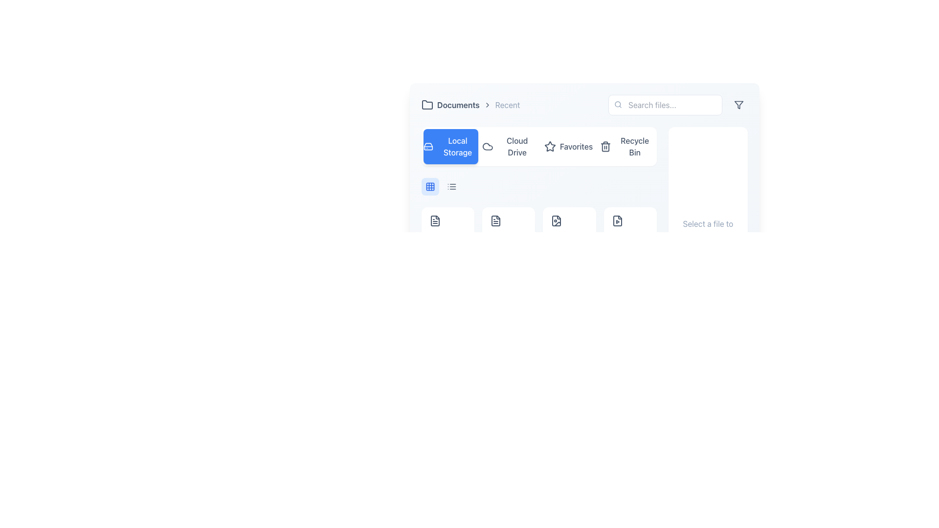  Describe the element at coordinates (617, 220) in the screenshot. I see `the video file icon located` at that location.